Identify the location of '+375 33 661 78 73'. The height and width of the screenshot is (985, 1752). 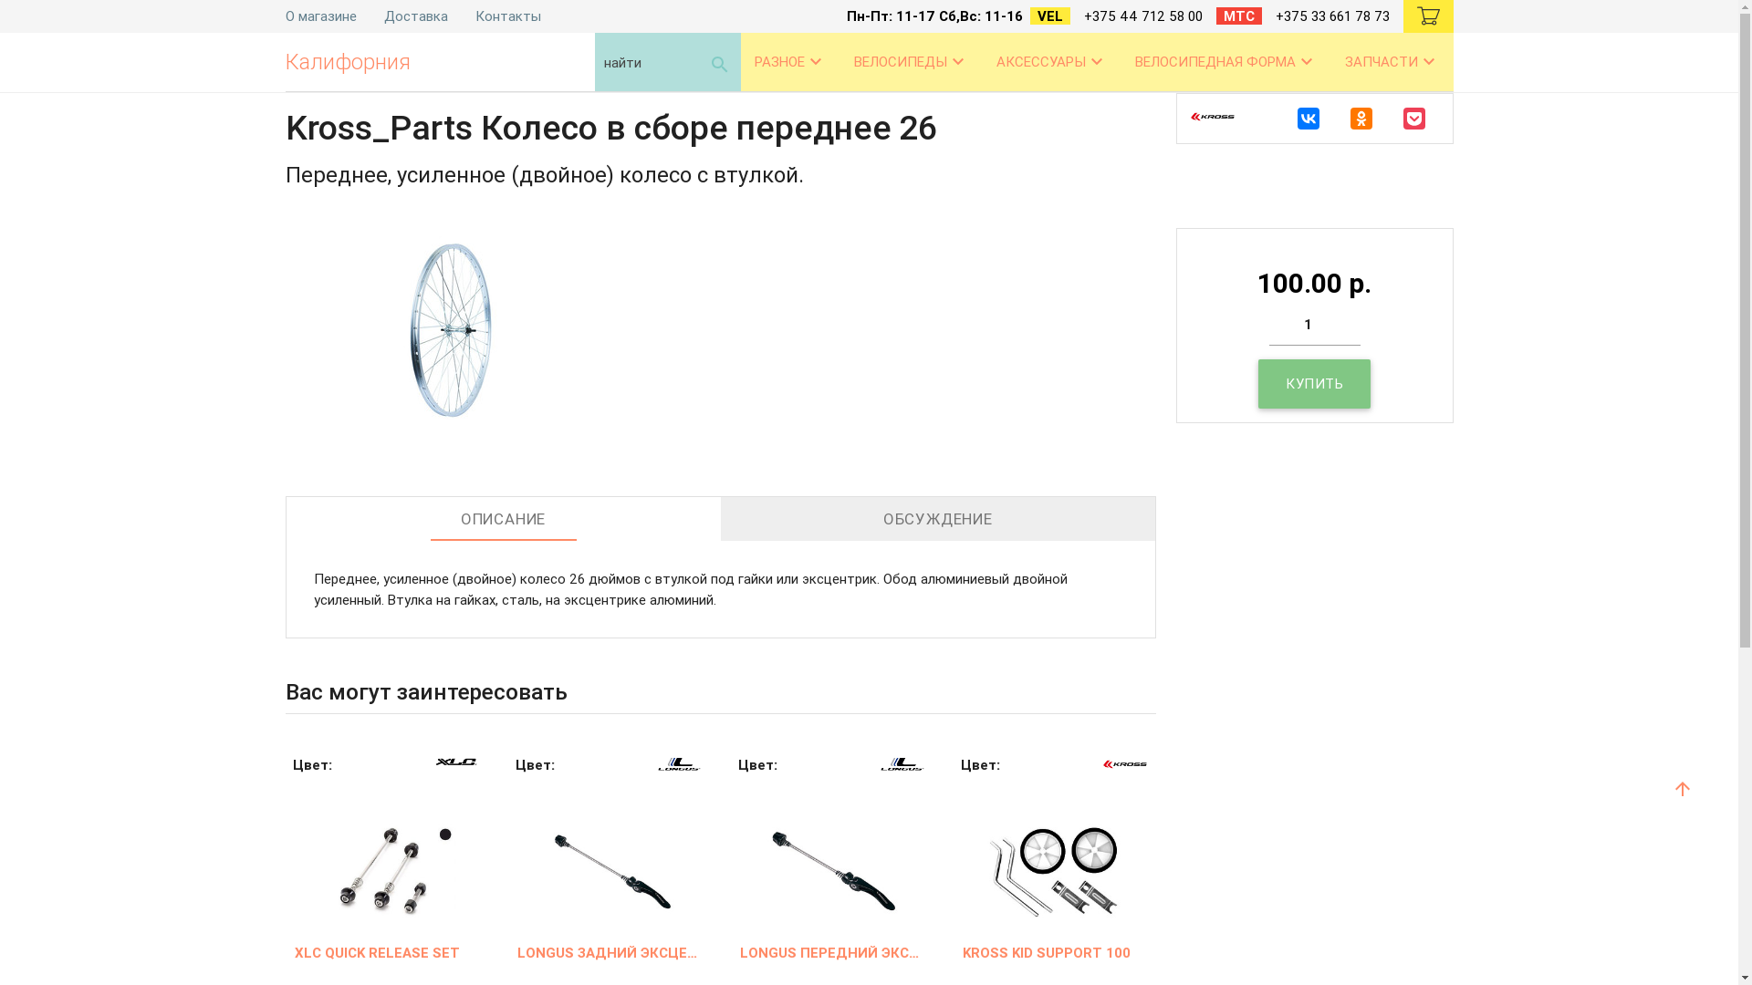
(1331, 16).